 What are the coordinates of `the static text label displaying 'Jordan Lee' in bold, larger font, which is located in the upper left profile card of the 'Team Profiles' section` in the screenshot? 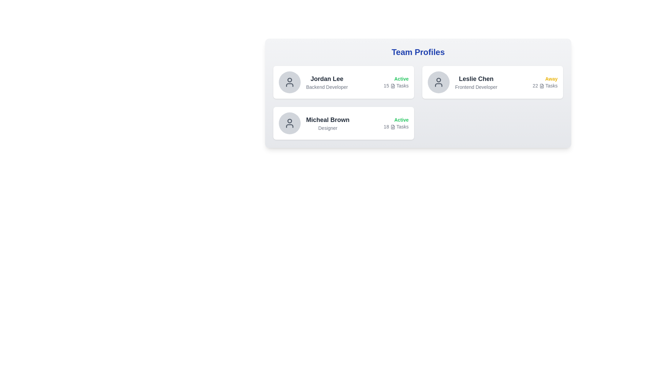 It's located at (327, 79).